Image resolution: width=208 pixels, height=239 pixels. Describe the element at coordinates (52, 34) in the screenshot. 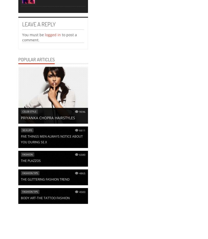

I see `'logged in'` at that location.